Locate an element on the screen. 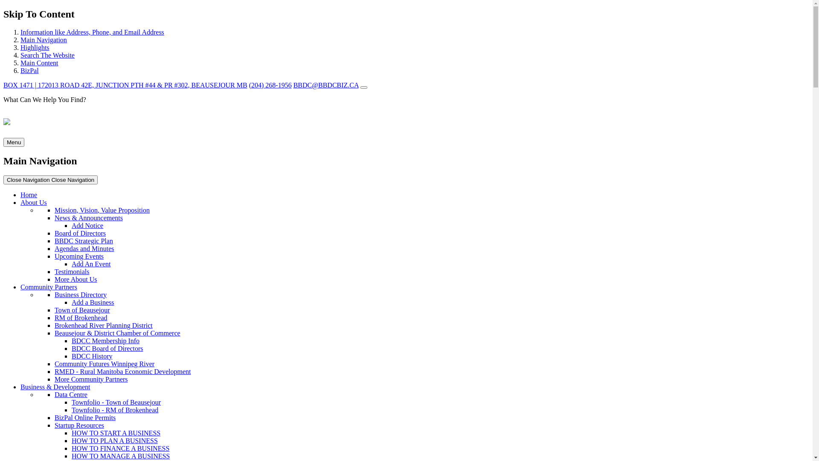 The height and width of the screenshot is (461, 819). 'BDCC Membership Info' is located at coordinates (105, 340).